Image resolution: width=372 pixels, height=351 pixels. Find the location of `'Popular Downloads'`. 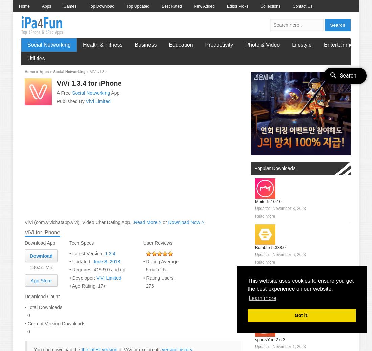

'Popular Downloads' is located at coordinates (275, 168).